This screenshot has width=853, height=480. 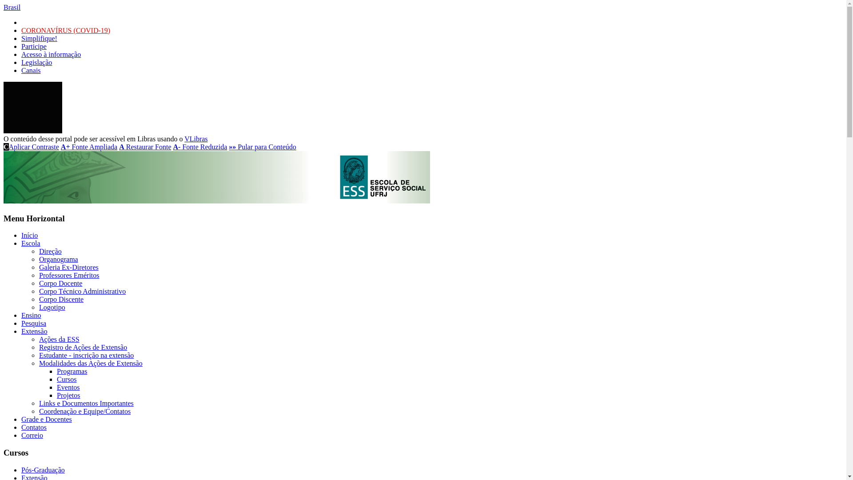 What do you see at coordinates (89, 146) in the screenshot?
I see `'A+ Fonte Ampliada'` at bounding box center [89, 146].